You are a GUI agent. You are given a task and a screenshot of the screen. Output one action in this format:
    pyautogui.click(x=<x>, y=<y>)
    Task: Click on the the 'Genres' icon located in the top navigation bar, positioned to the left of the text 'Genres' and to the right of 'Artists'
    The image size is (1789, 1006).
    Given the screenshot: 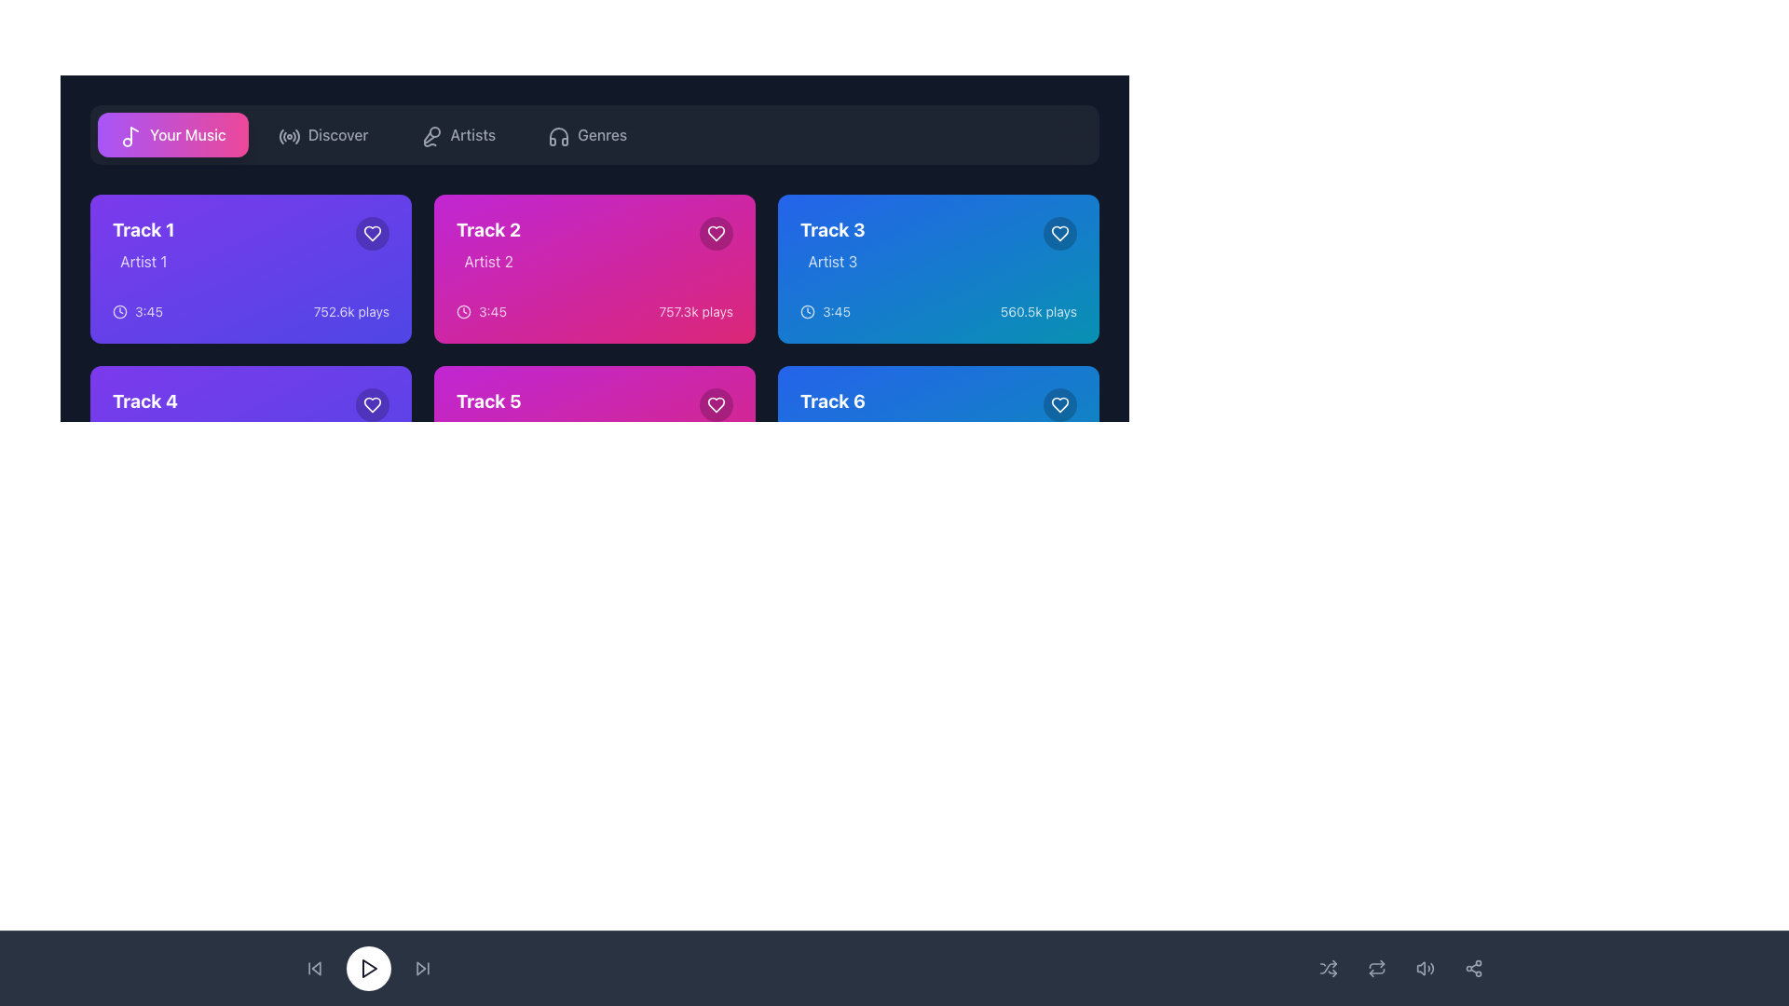 What is the action you would take?
    pyautogui.click(x=556, y=134)
    